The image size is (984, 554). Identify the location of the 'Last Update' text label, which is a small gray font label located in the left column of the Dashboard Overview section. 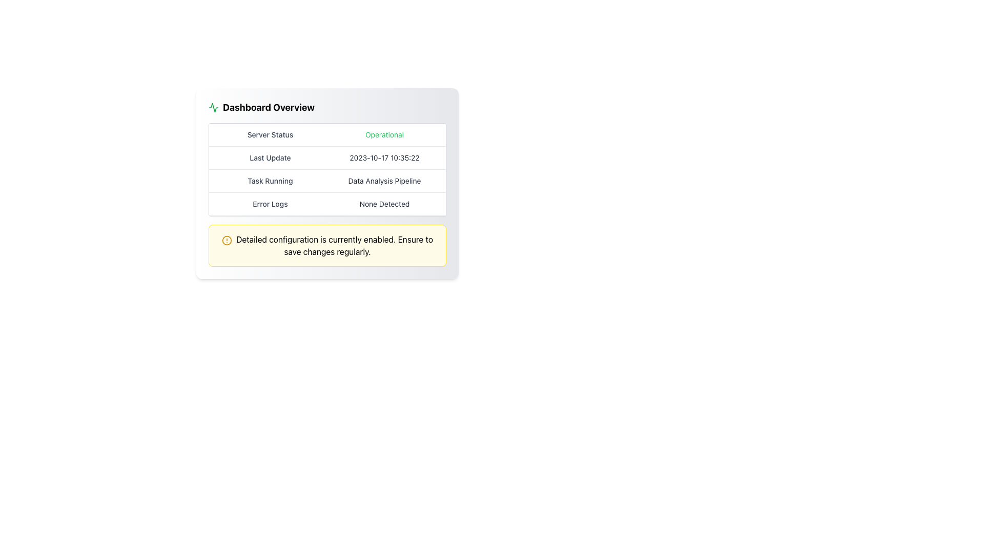
(270, 158).